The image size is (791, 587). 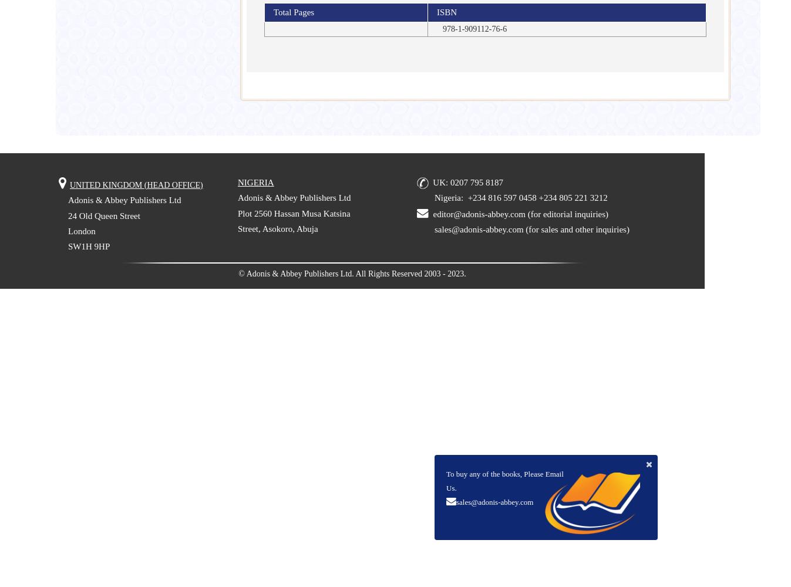 What do you see at coordinates (467, 182) in the screenshot?
I see `'UK: 0207 795 8187'` at bounding box center [467, 182].